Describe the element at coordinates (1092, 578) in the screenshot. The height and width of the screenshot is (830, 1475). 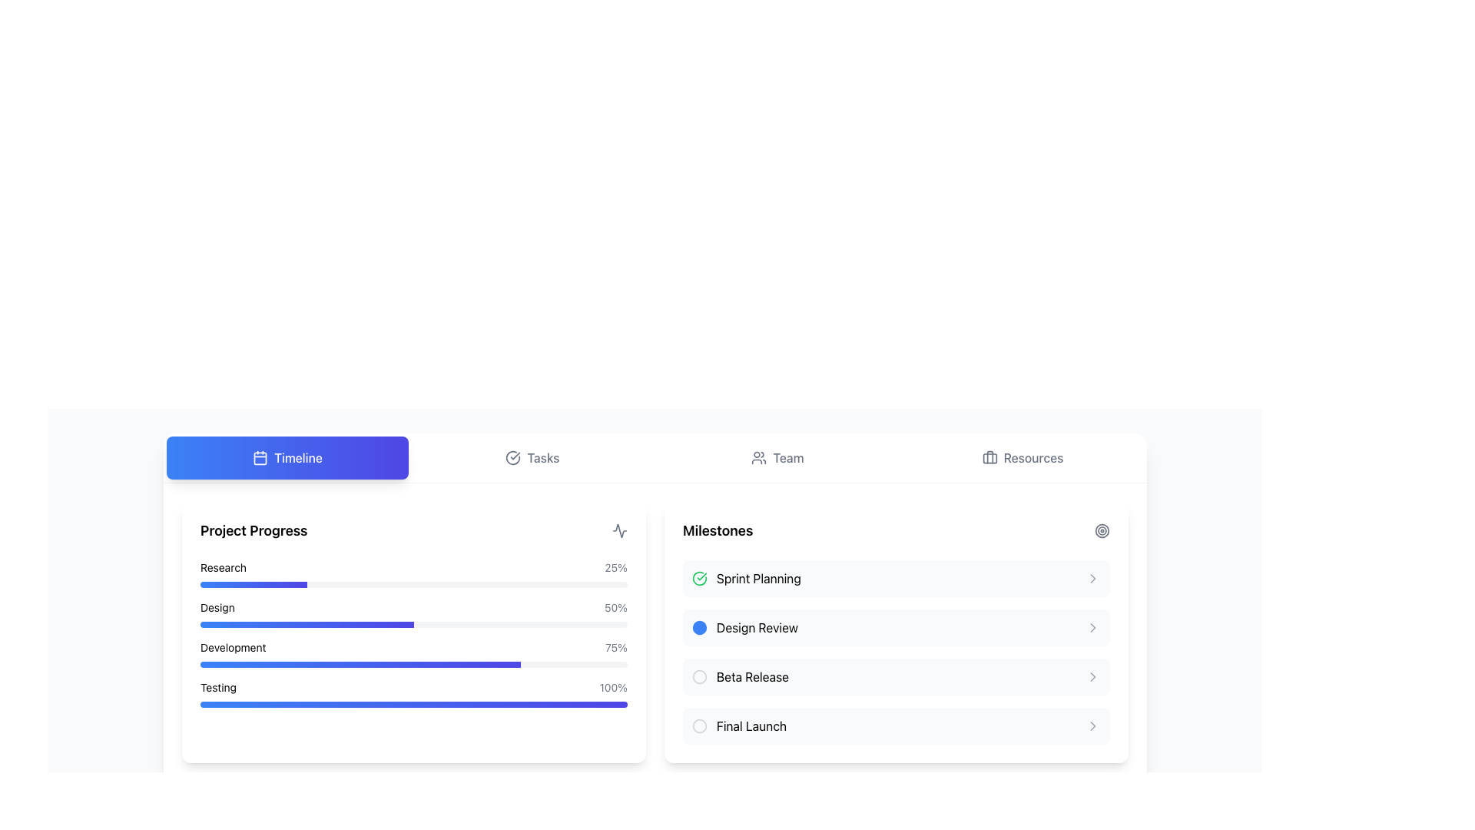
I see `the chevron icon located at the far right end of the 'Sprint Planning' list item` at that location.